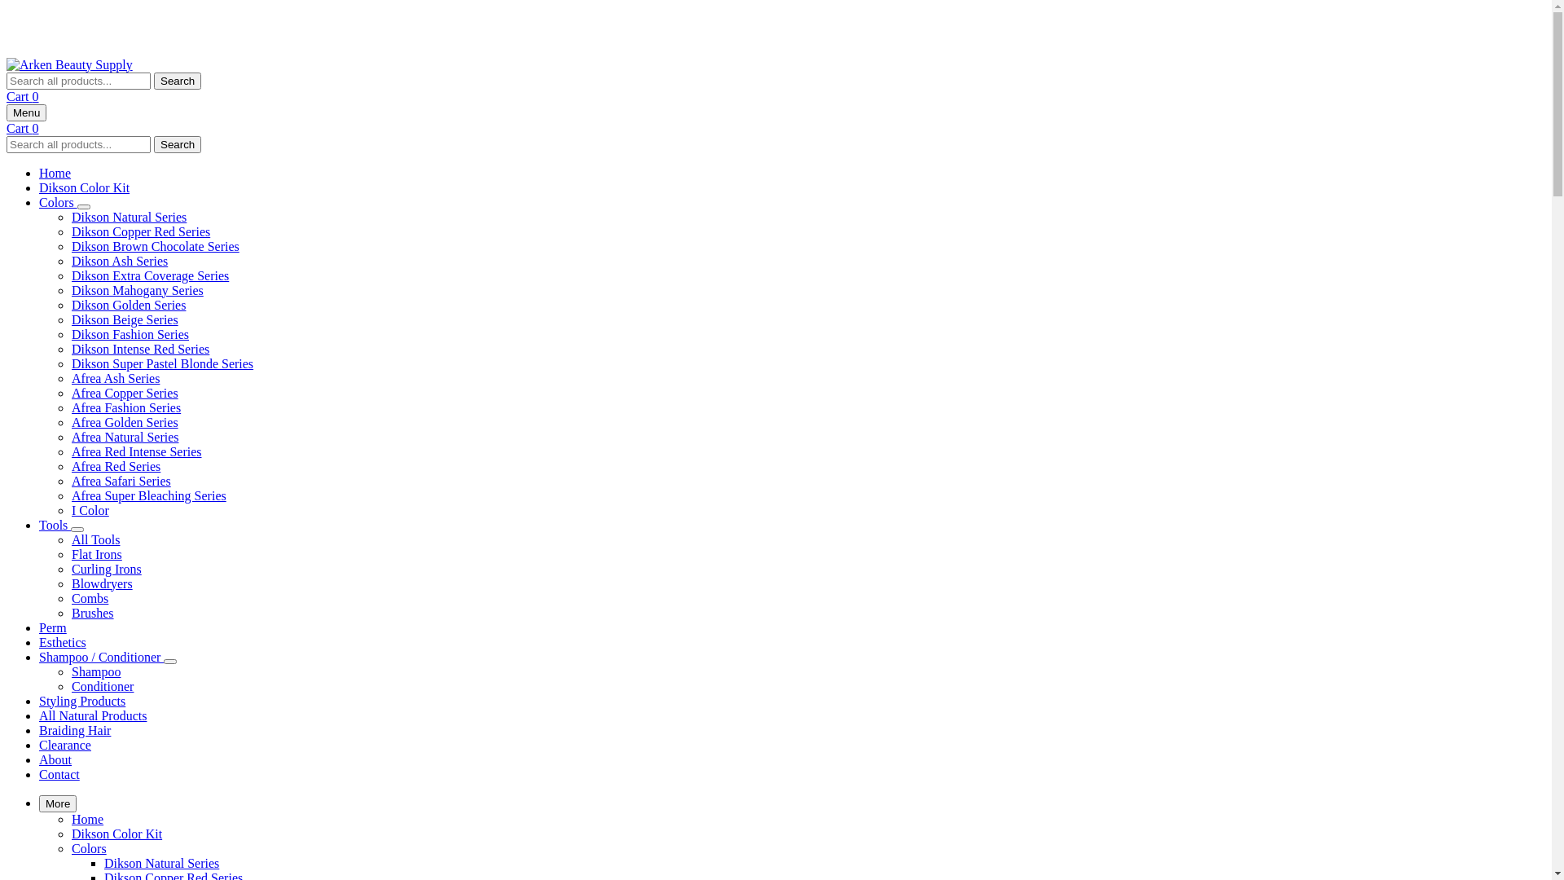 This screenshot has height=880, width=1564. Describe the element at coordinates (83, 187) in the screenshot. I see `'Dikson Color Kit'` at that location.